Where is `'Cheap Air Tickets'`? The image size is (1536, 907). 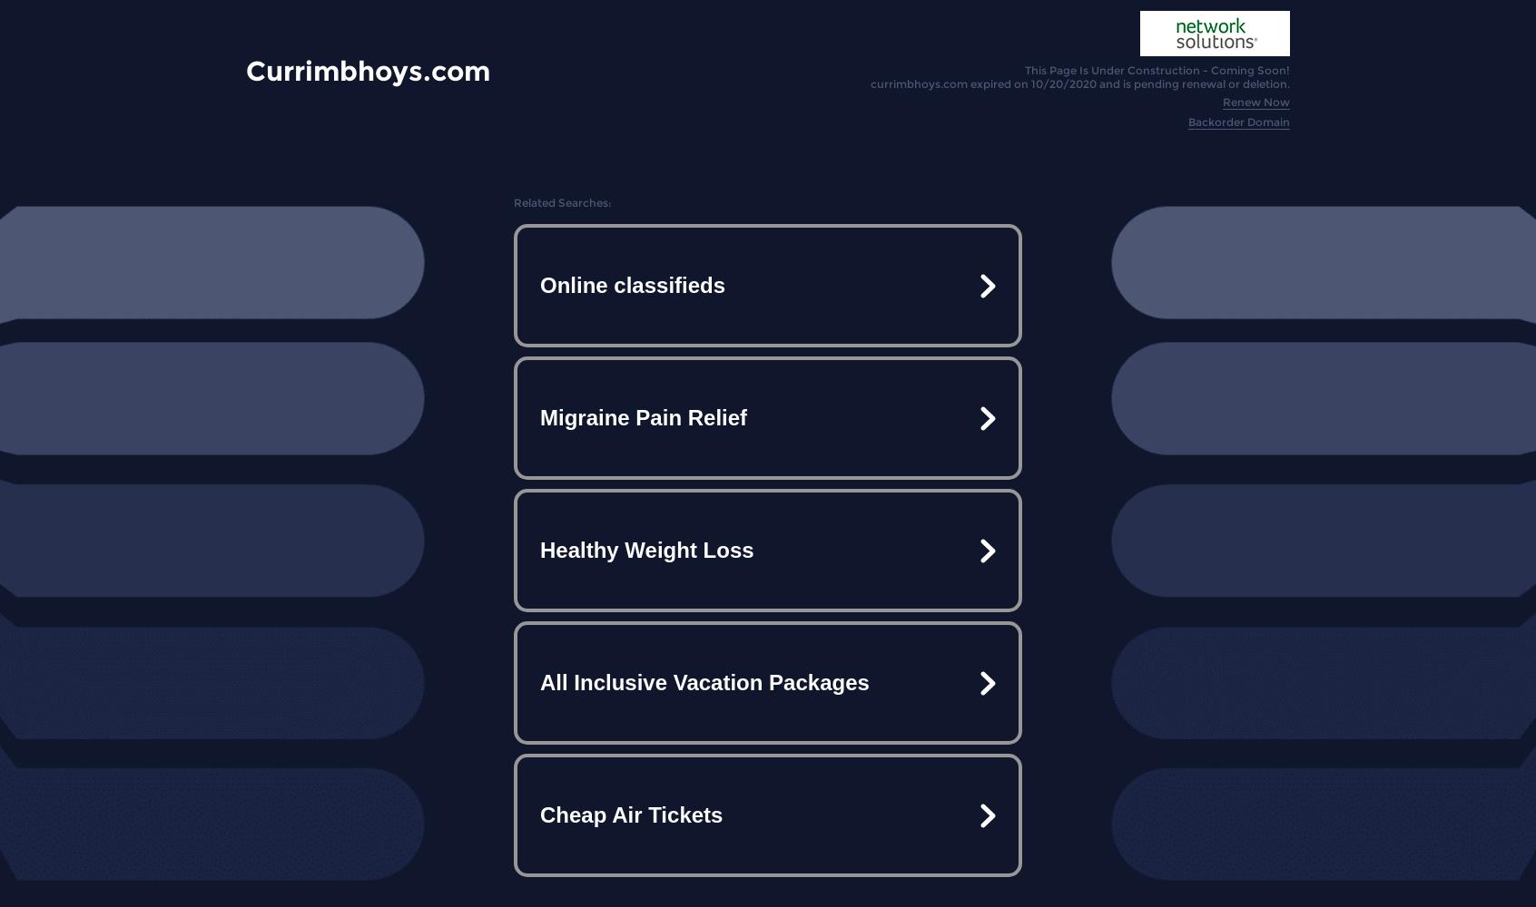
'Cheap Air Tickets' is located at coordinates (631, 814).